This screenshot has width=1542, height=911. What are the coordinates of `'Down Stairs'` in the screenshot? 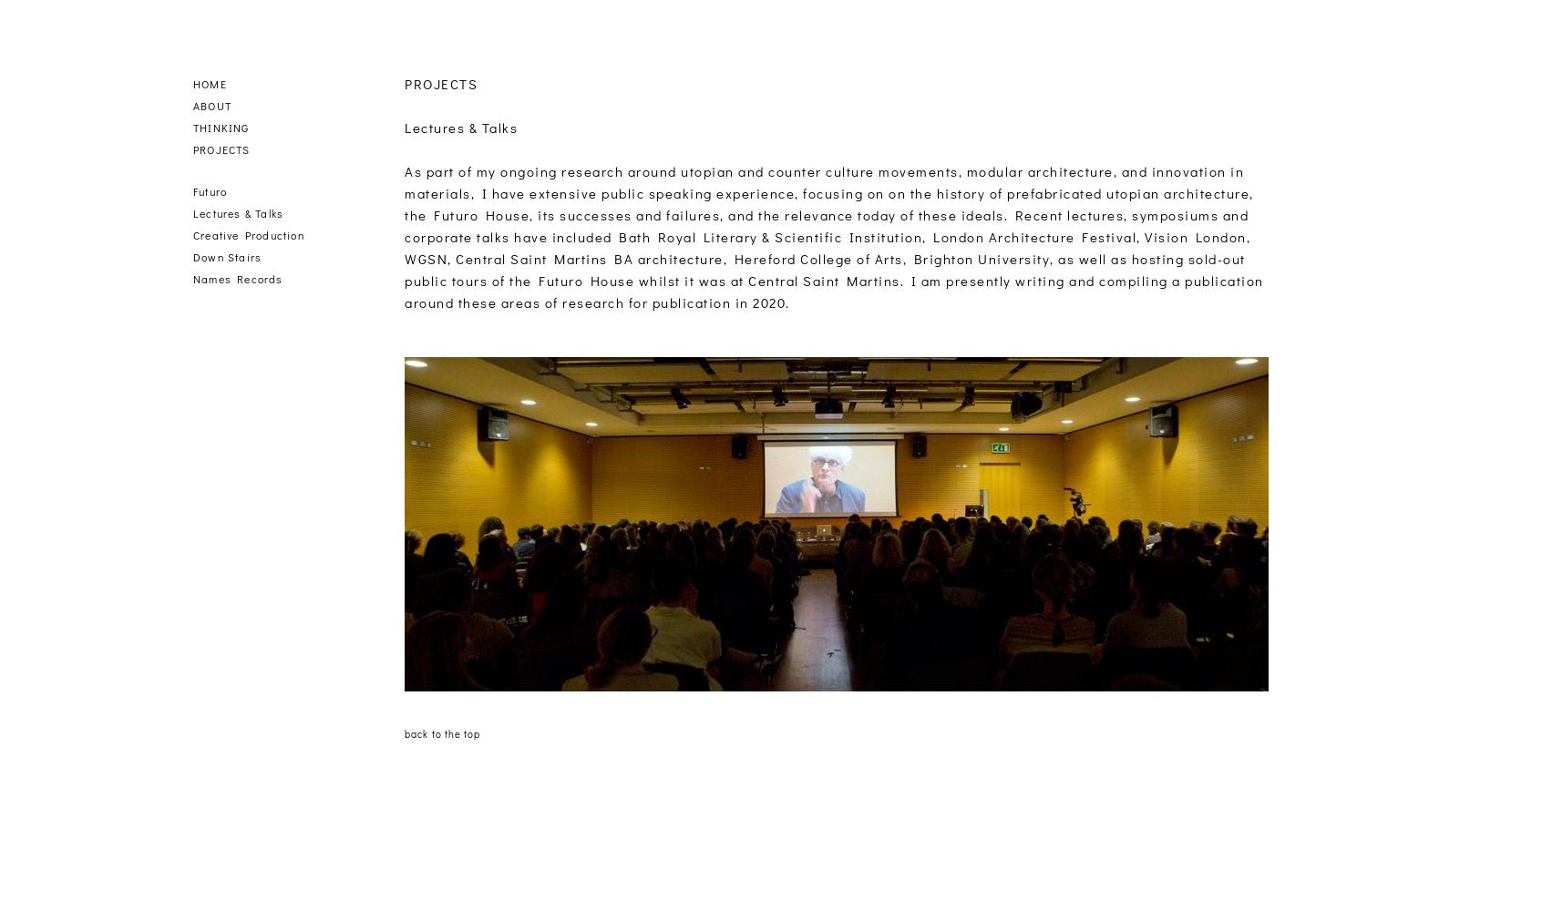 It's located at (227, 257).